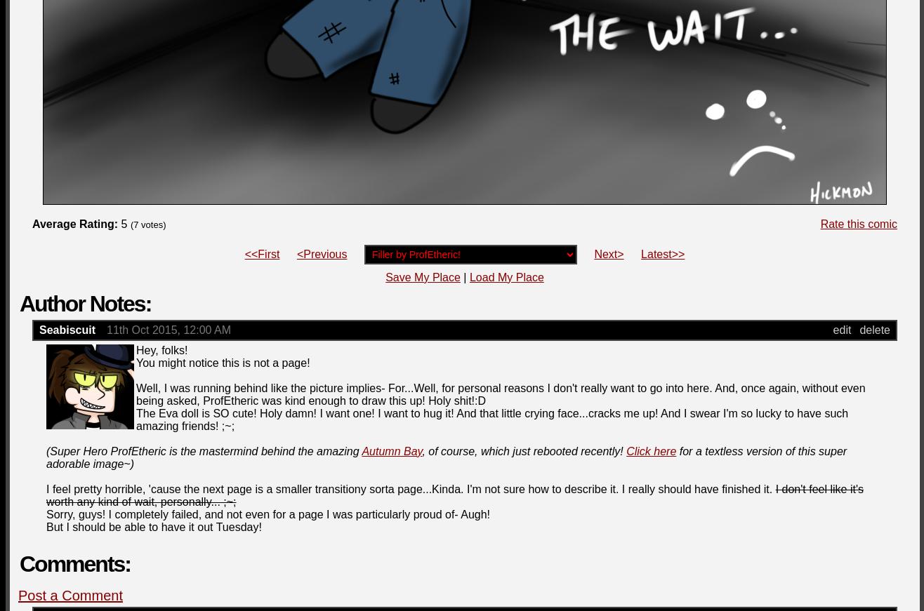 Image resolution: width=924 pixels, height=611 pixels. What do you see at coordinates (492, 419) in the screenshot?
I see `'The Eva doll is SO cute! Holy damn! I want one! I want to hug it! And that little crying face...cracks me up! And I swear I'm so lucky to have such amazing friends! ;~;'` at bounding box center [492, 419].